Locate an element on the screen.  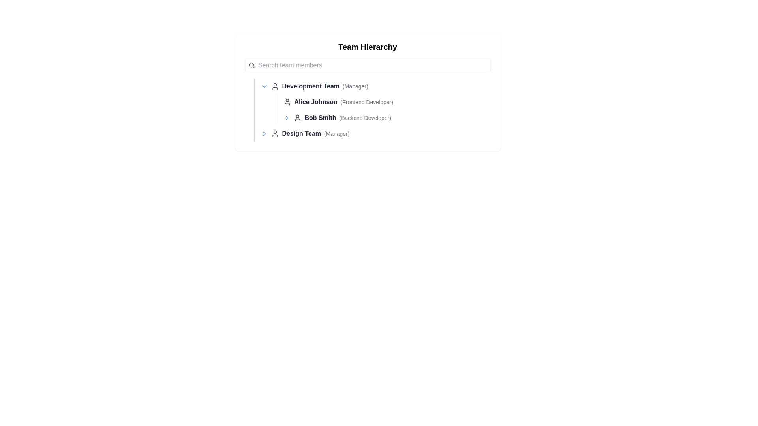
the text label displaying 'Bob Smith' is located at coordinates (320, 118).